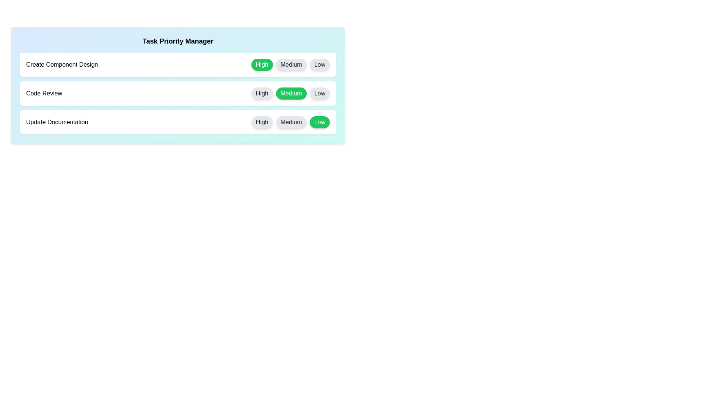  I want to click on the Medium button for the task 'Code Review' to set its priority, so click(291, 93).